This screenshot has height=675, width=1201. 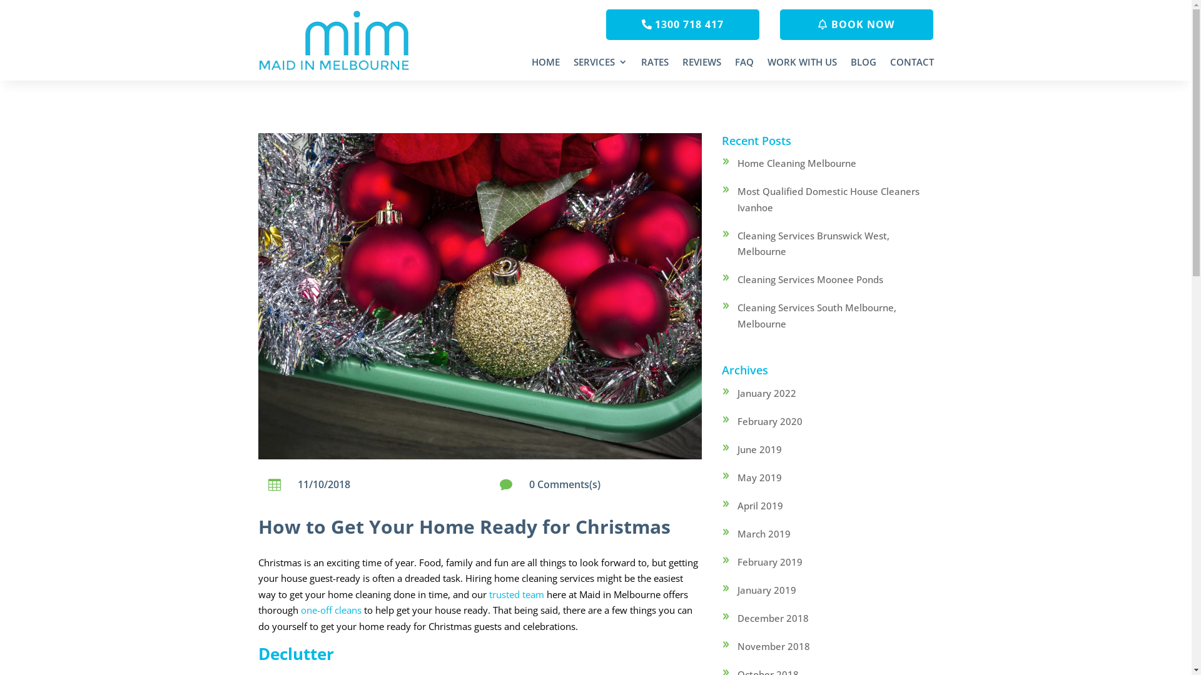 What do you see at coordinates (856, 24) in the screenshot?
I see `'BOOK NOW'` at bounding box center [856, 24].